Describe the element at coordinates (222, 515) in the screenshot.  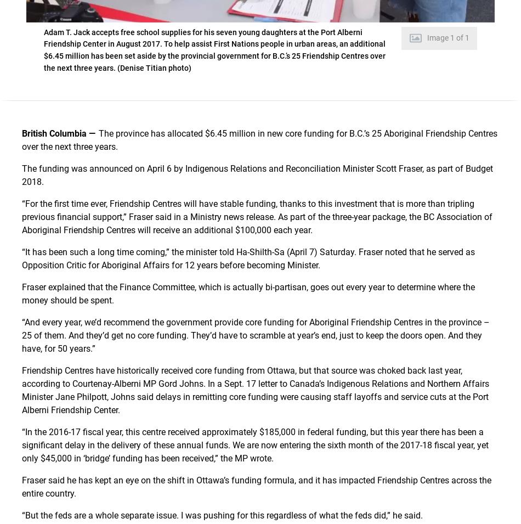
I see `'“But the feds are a whole separate issue. I was pushing for this regardless of what the feds did,” he said.'` at that location.